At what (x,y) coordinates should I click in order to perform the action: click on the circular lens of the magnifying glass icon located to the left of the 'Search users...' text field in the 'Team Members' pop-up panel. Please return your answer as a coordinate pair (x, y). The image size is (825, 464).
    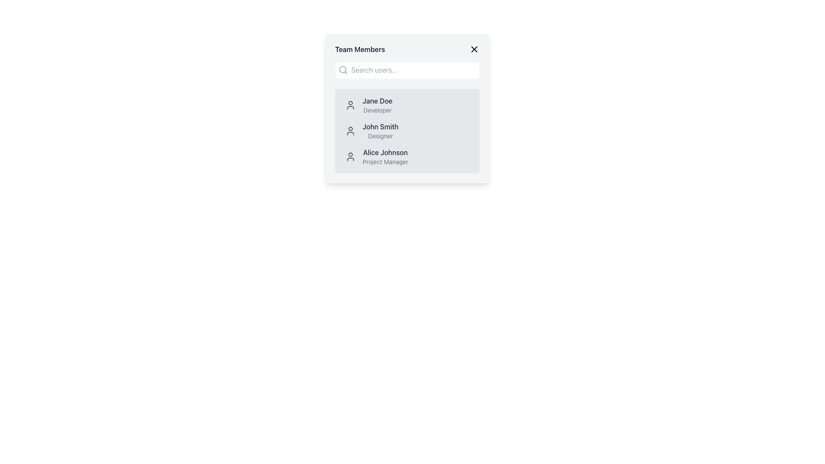
    Looking at the image, I should click on (342, 69).